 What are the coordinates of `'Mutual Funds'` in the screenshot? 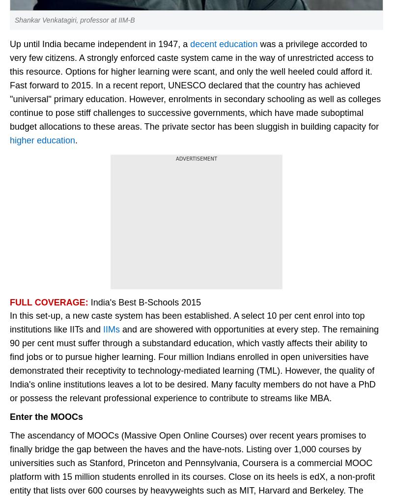 It's located at (37, 326).